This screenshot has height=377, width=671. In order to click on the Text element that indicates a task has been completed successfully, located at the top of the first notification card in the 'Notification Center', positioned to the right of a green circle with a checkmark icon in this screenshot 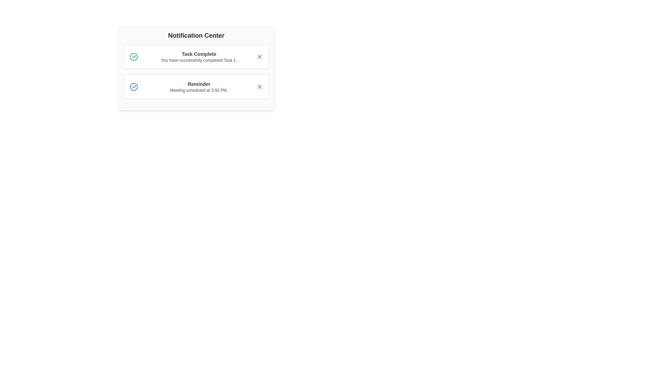, I will do `click(199, 56)`.